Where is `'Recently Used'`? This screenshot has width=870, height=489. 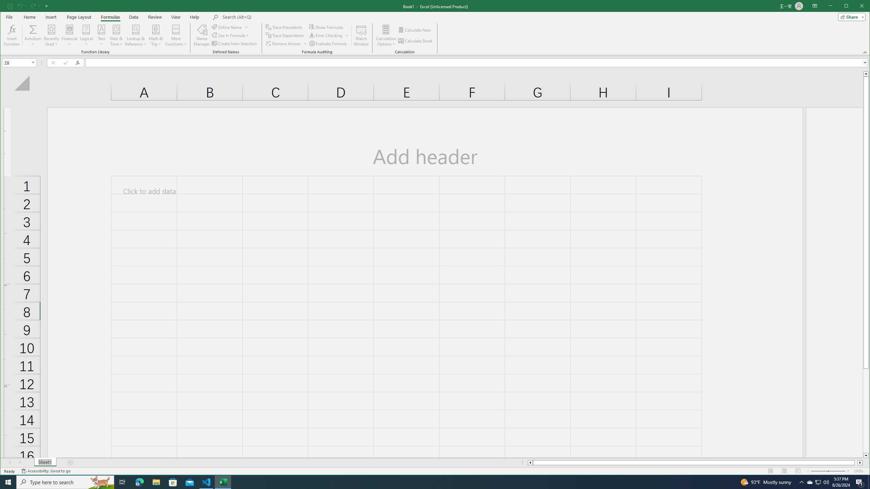 'Recently Used' is located at coordinates (51, 35).